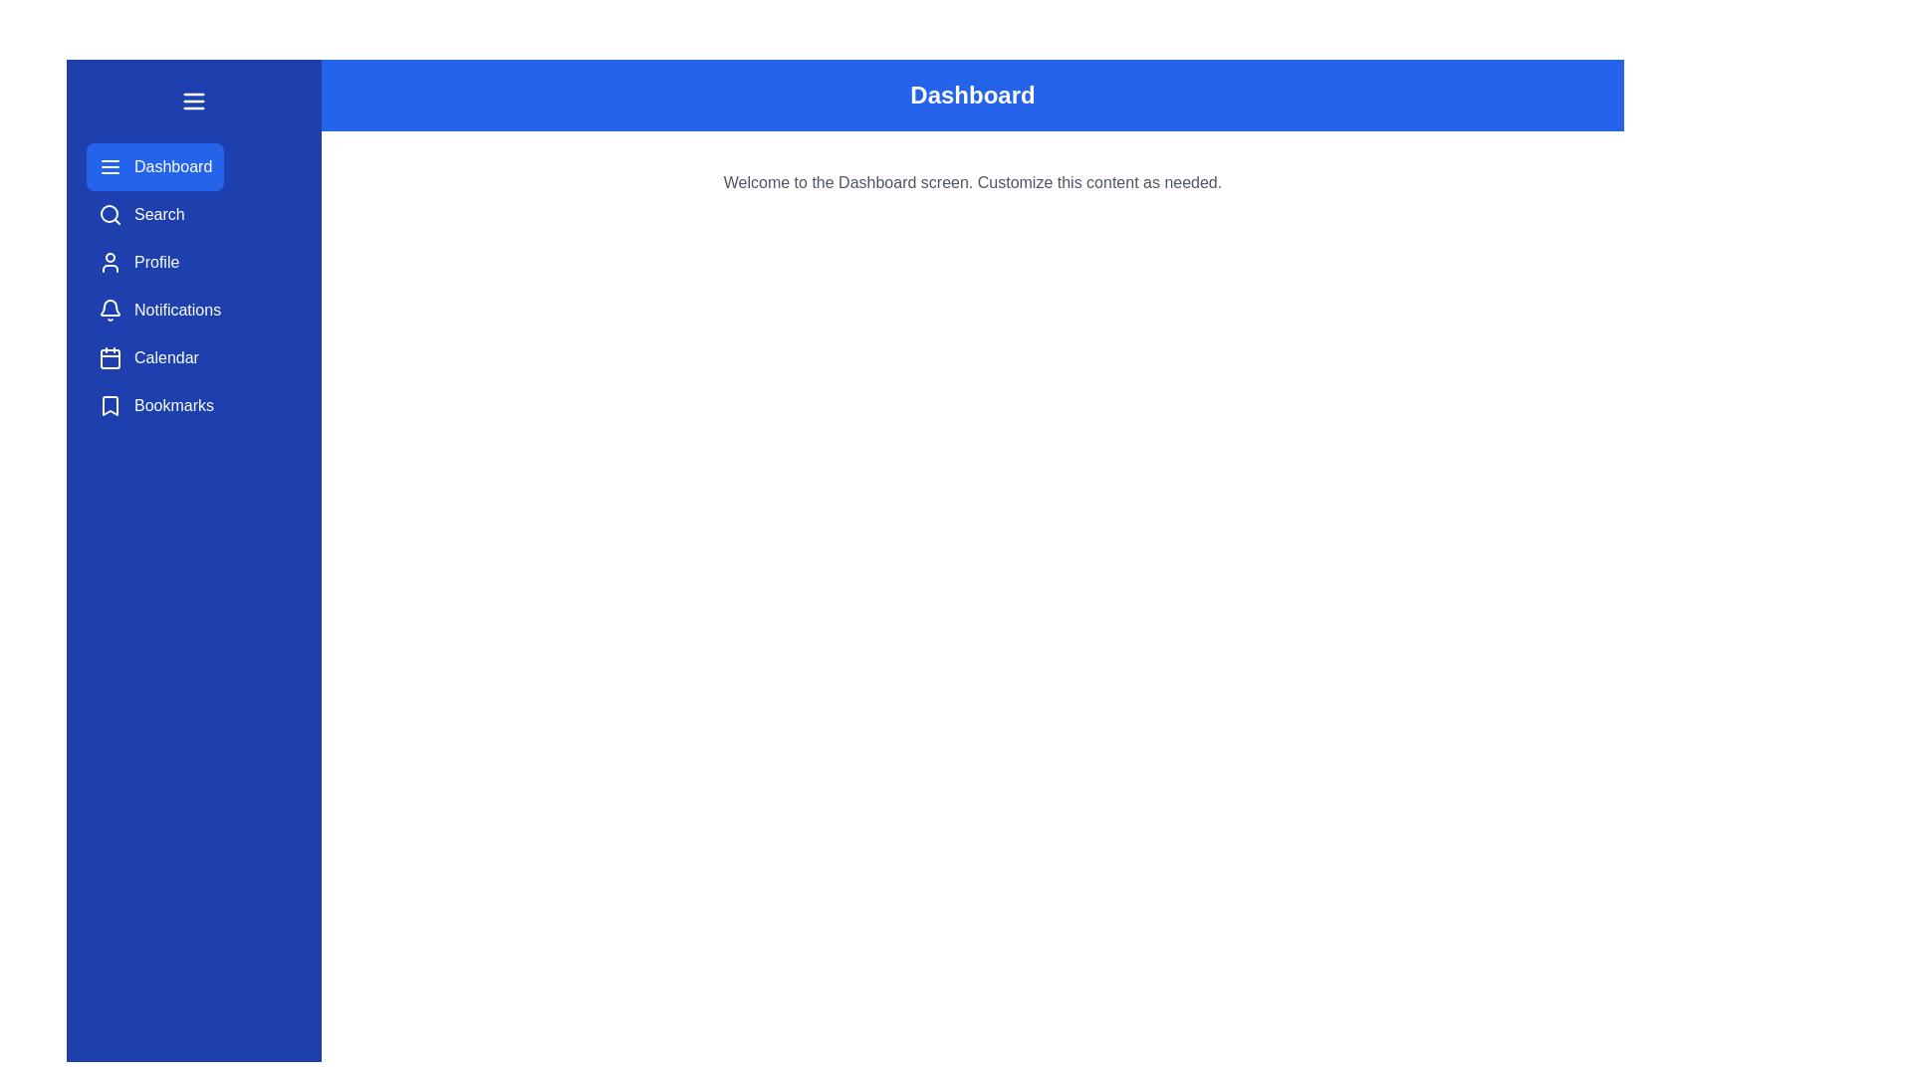  Describe the element at coordinates (147, 356) in the screenshot. I see `the 'Calendar' menu item on the left navigation bar` at that location.